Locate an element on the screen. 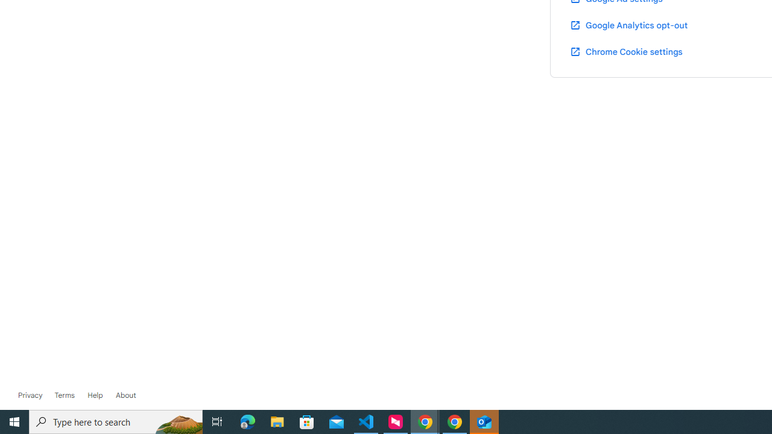 The image size is (772, 434). 'Chrome Cookie settings' is located at coordinates (626, 51).